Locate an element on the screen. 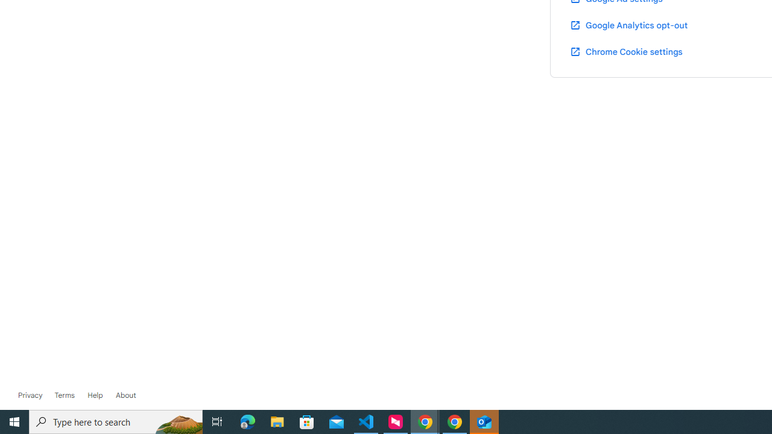 The image size is (772, 434). 'Chrome Cookie settings' is located at coordinates (626, 51).